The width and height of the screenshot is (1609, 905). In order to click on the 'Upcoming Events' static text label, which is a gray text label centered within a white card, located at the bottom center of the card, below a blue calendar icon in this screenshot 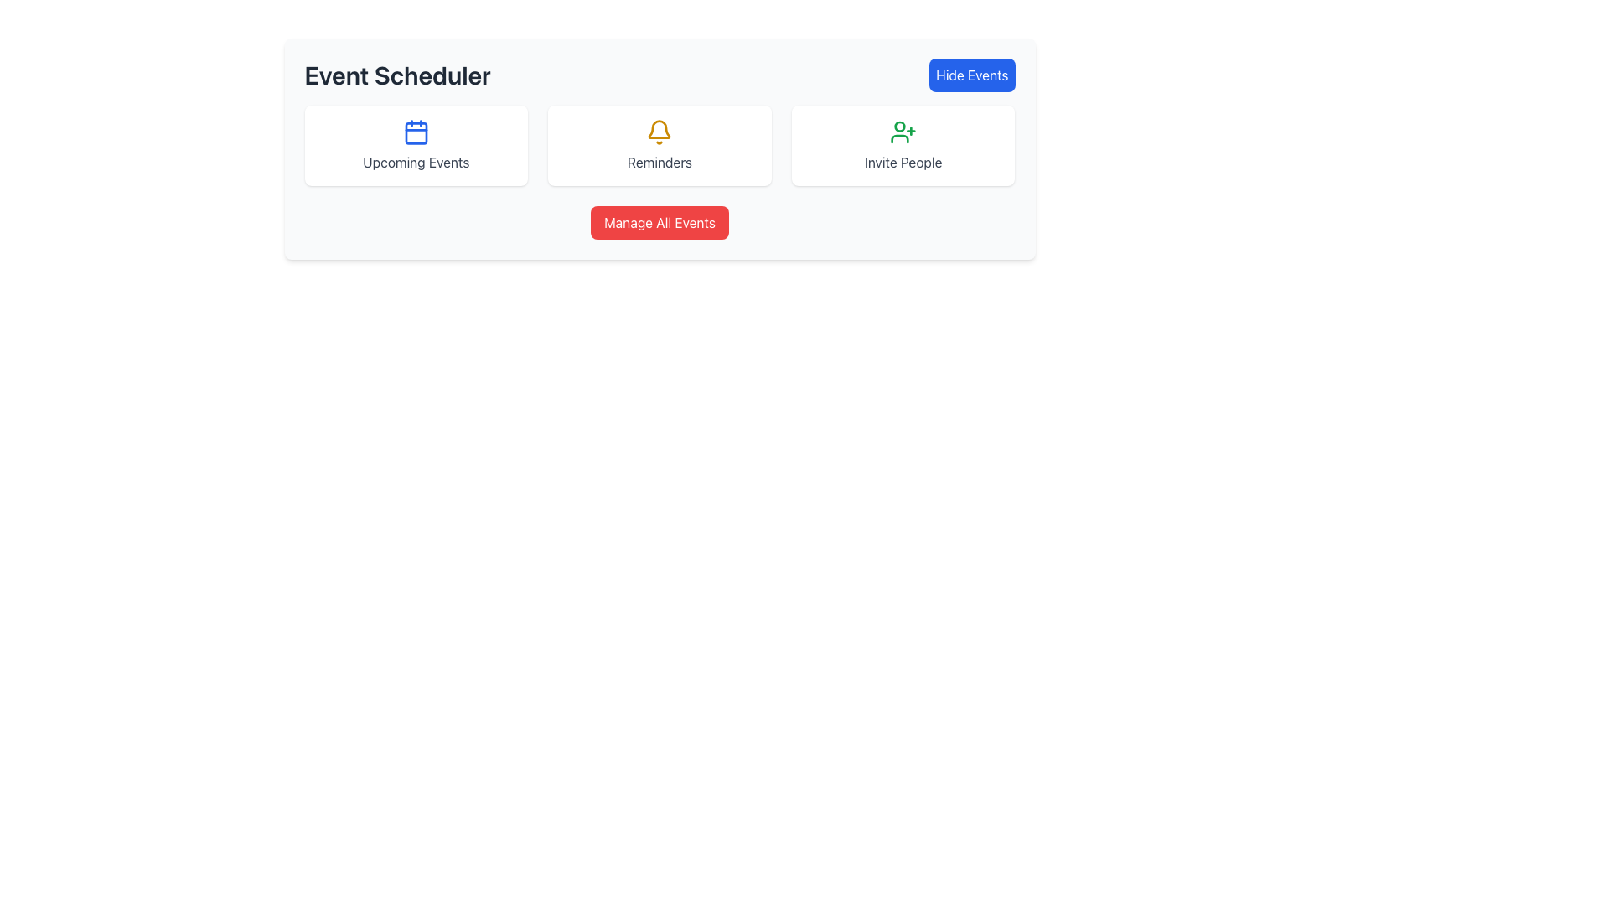, I will do `click(416, 162)`.